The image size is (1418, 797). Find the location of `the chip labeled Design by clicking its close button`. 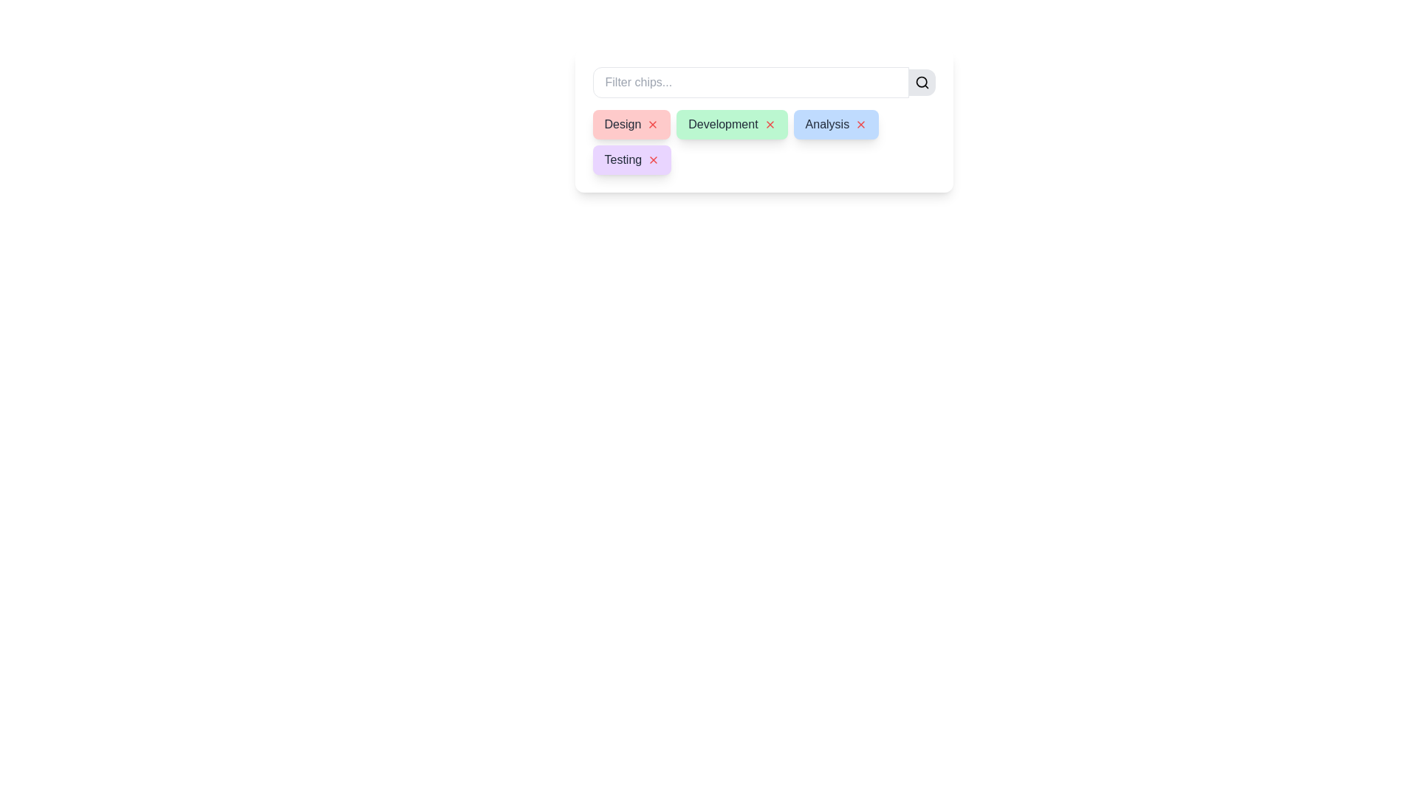

the chip labeled Design by clicking its close button is located at coordinates (652, 124).